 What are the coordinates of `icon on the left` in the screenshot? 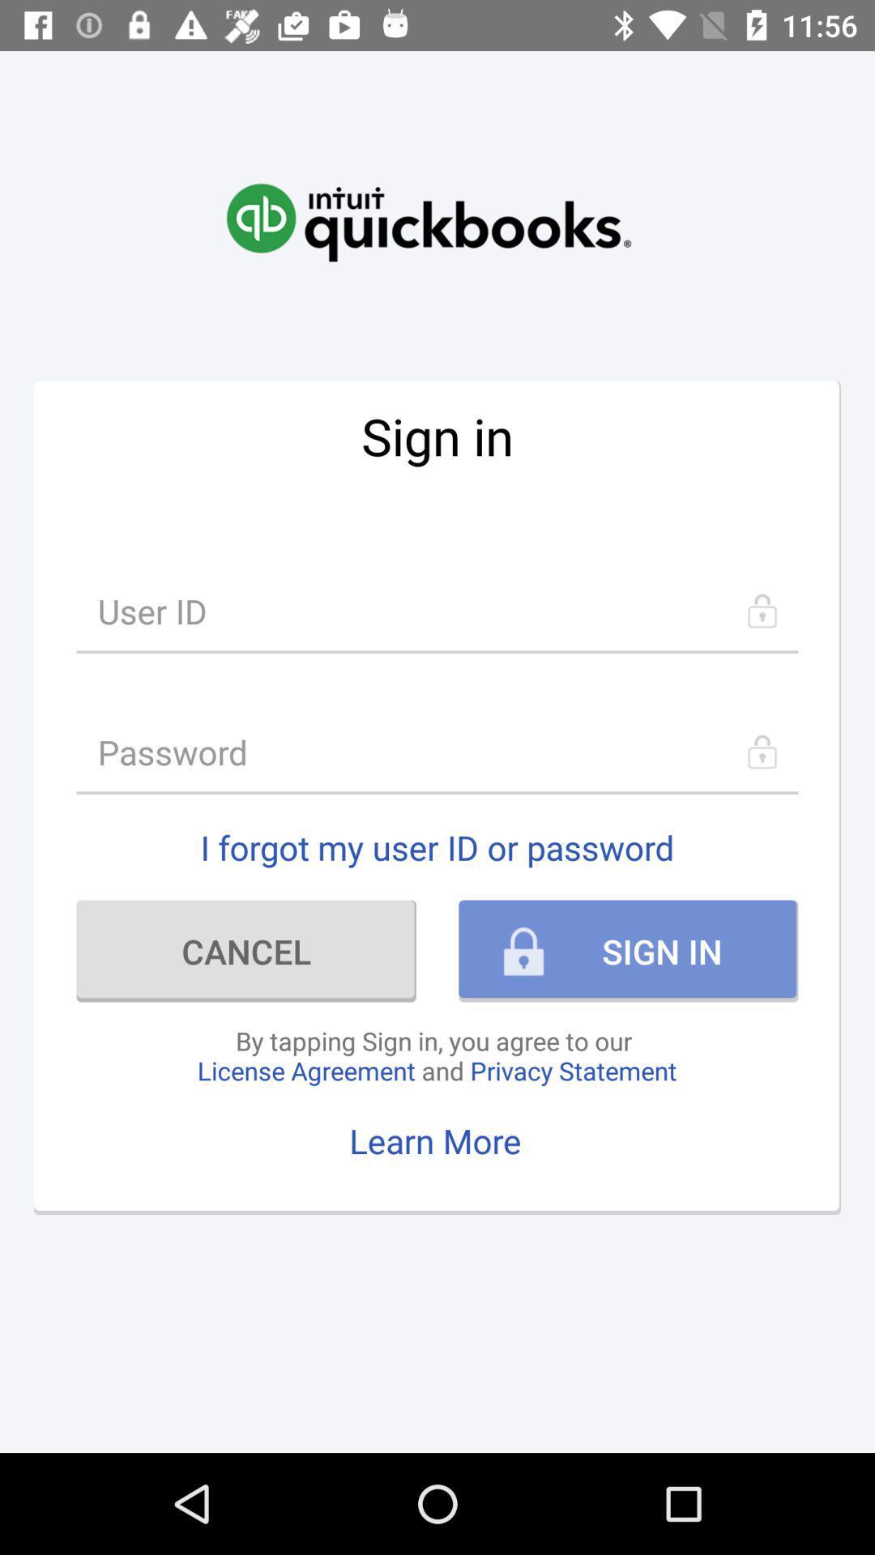 It's located at (246, 951).